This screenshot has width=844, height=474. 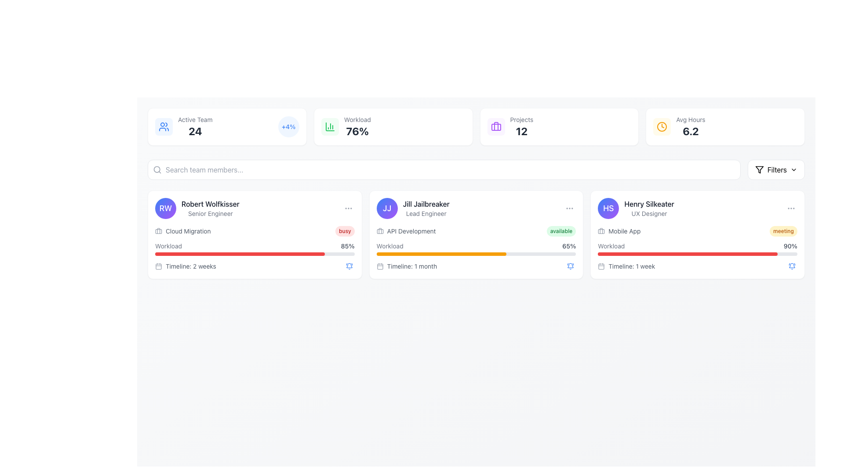 I want to click on the bell icon located at the bottom-right corner of the card labeled 'Henry Silkeater', so click(x=571, y=266).